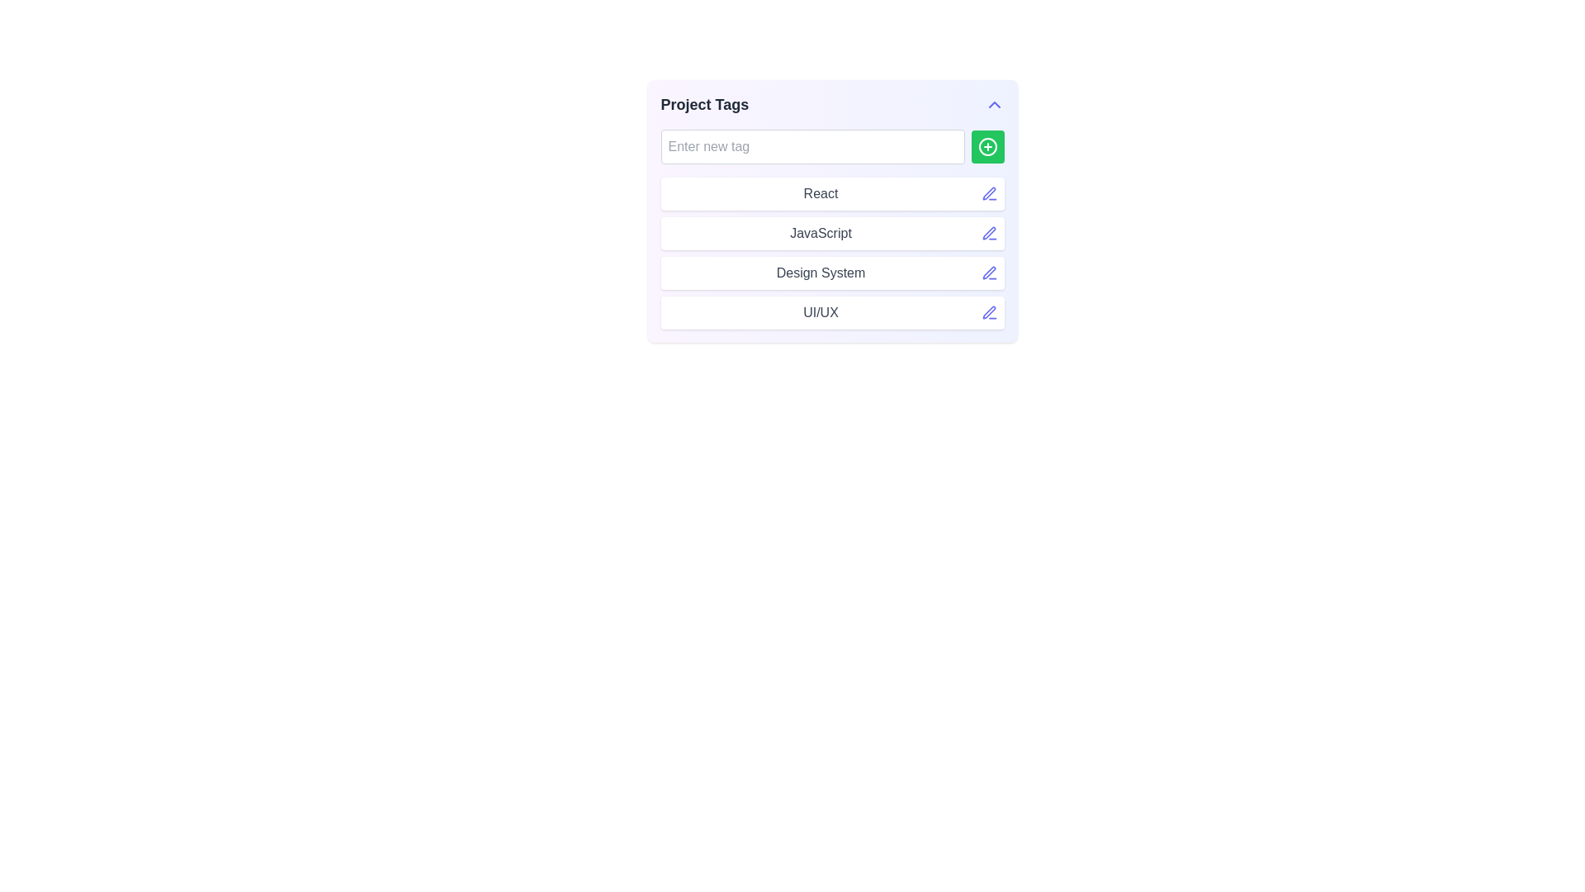 This screenshot has height=892, width=1585. What do you see at coordinates (987, 145) in the screenshot?
I see `the green circular button located to the right of the 'Enter new tag' text input` at bounding box center [987, 145].